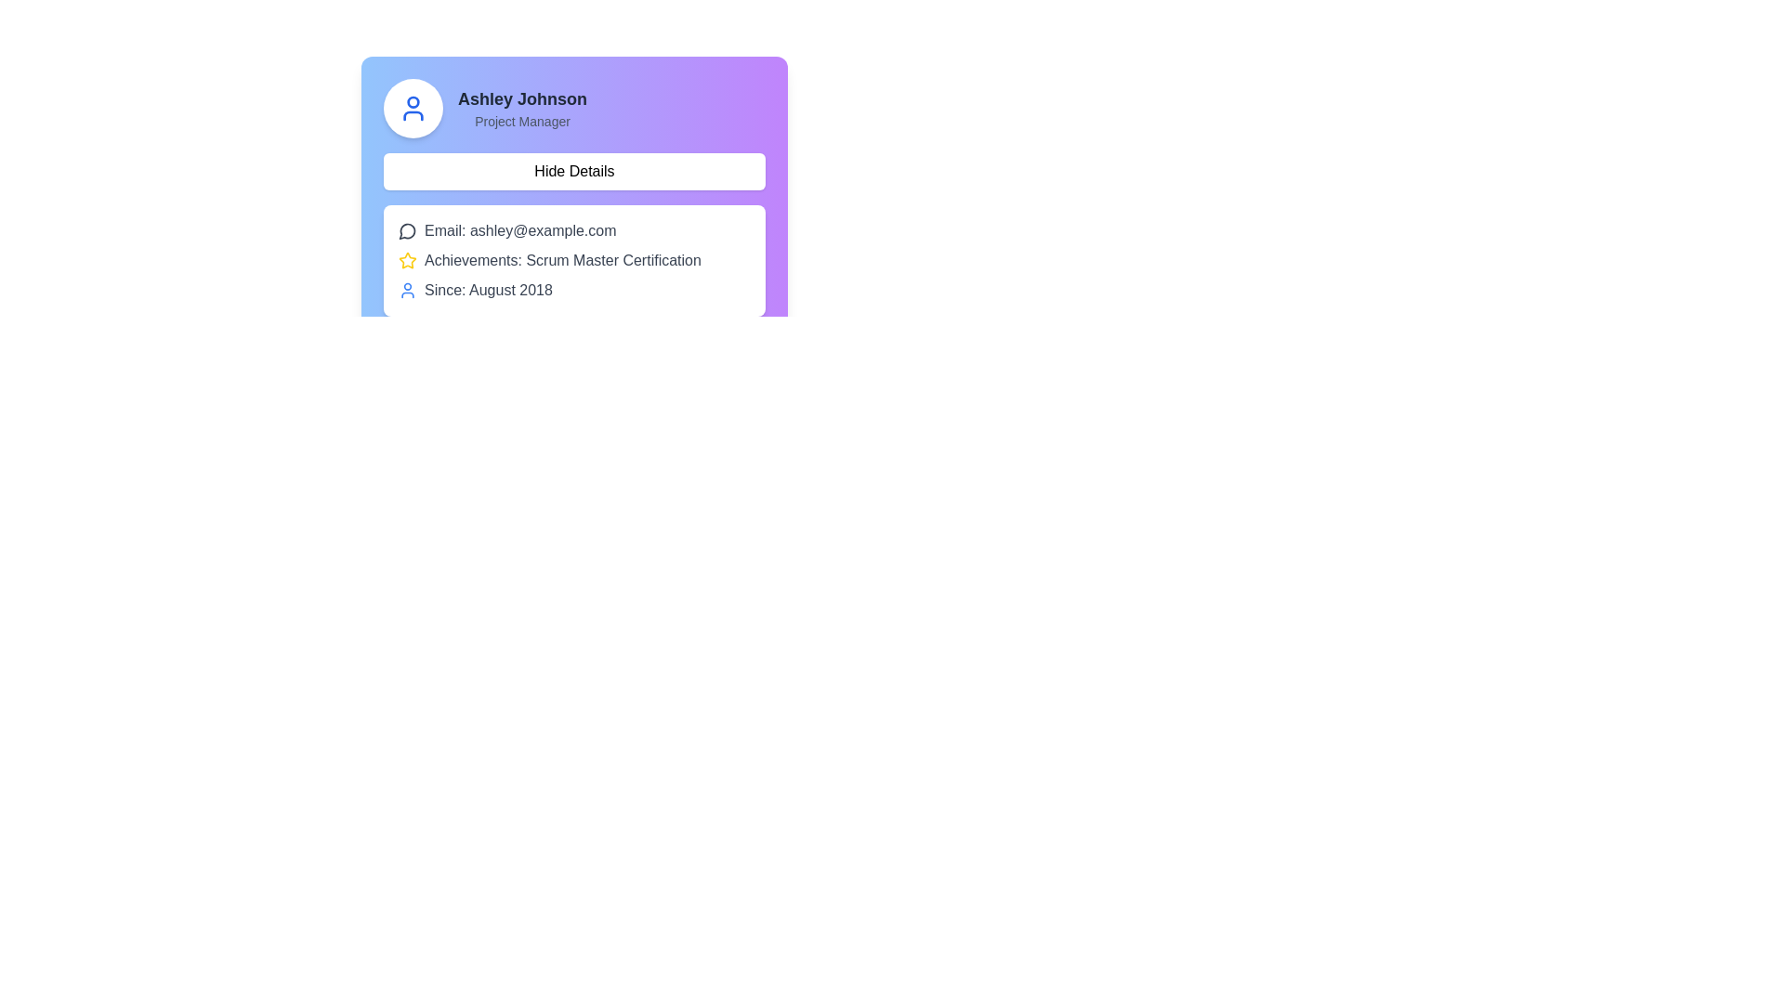  Describe the element at coordinates (573, 176) in the screenshot. I see `the button that collapses or hides additional details` at that location.